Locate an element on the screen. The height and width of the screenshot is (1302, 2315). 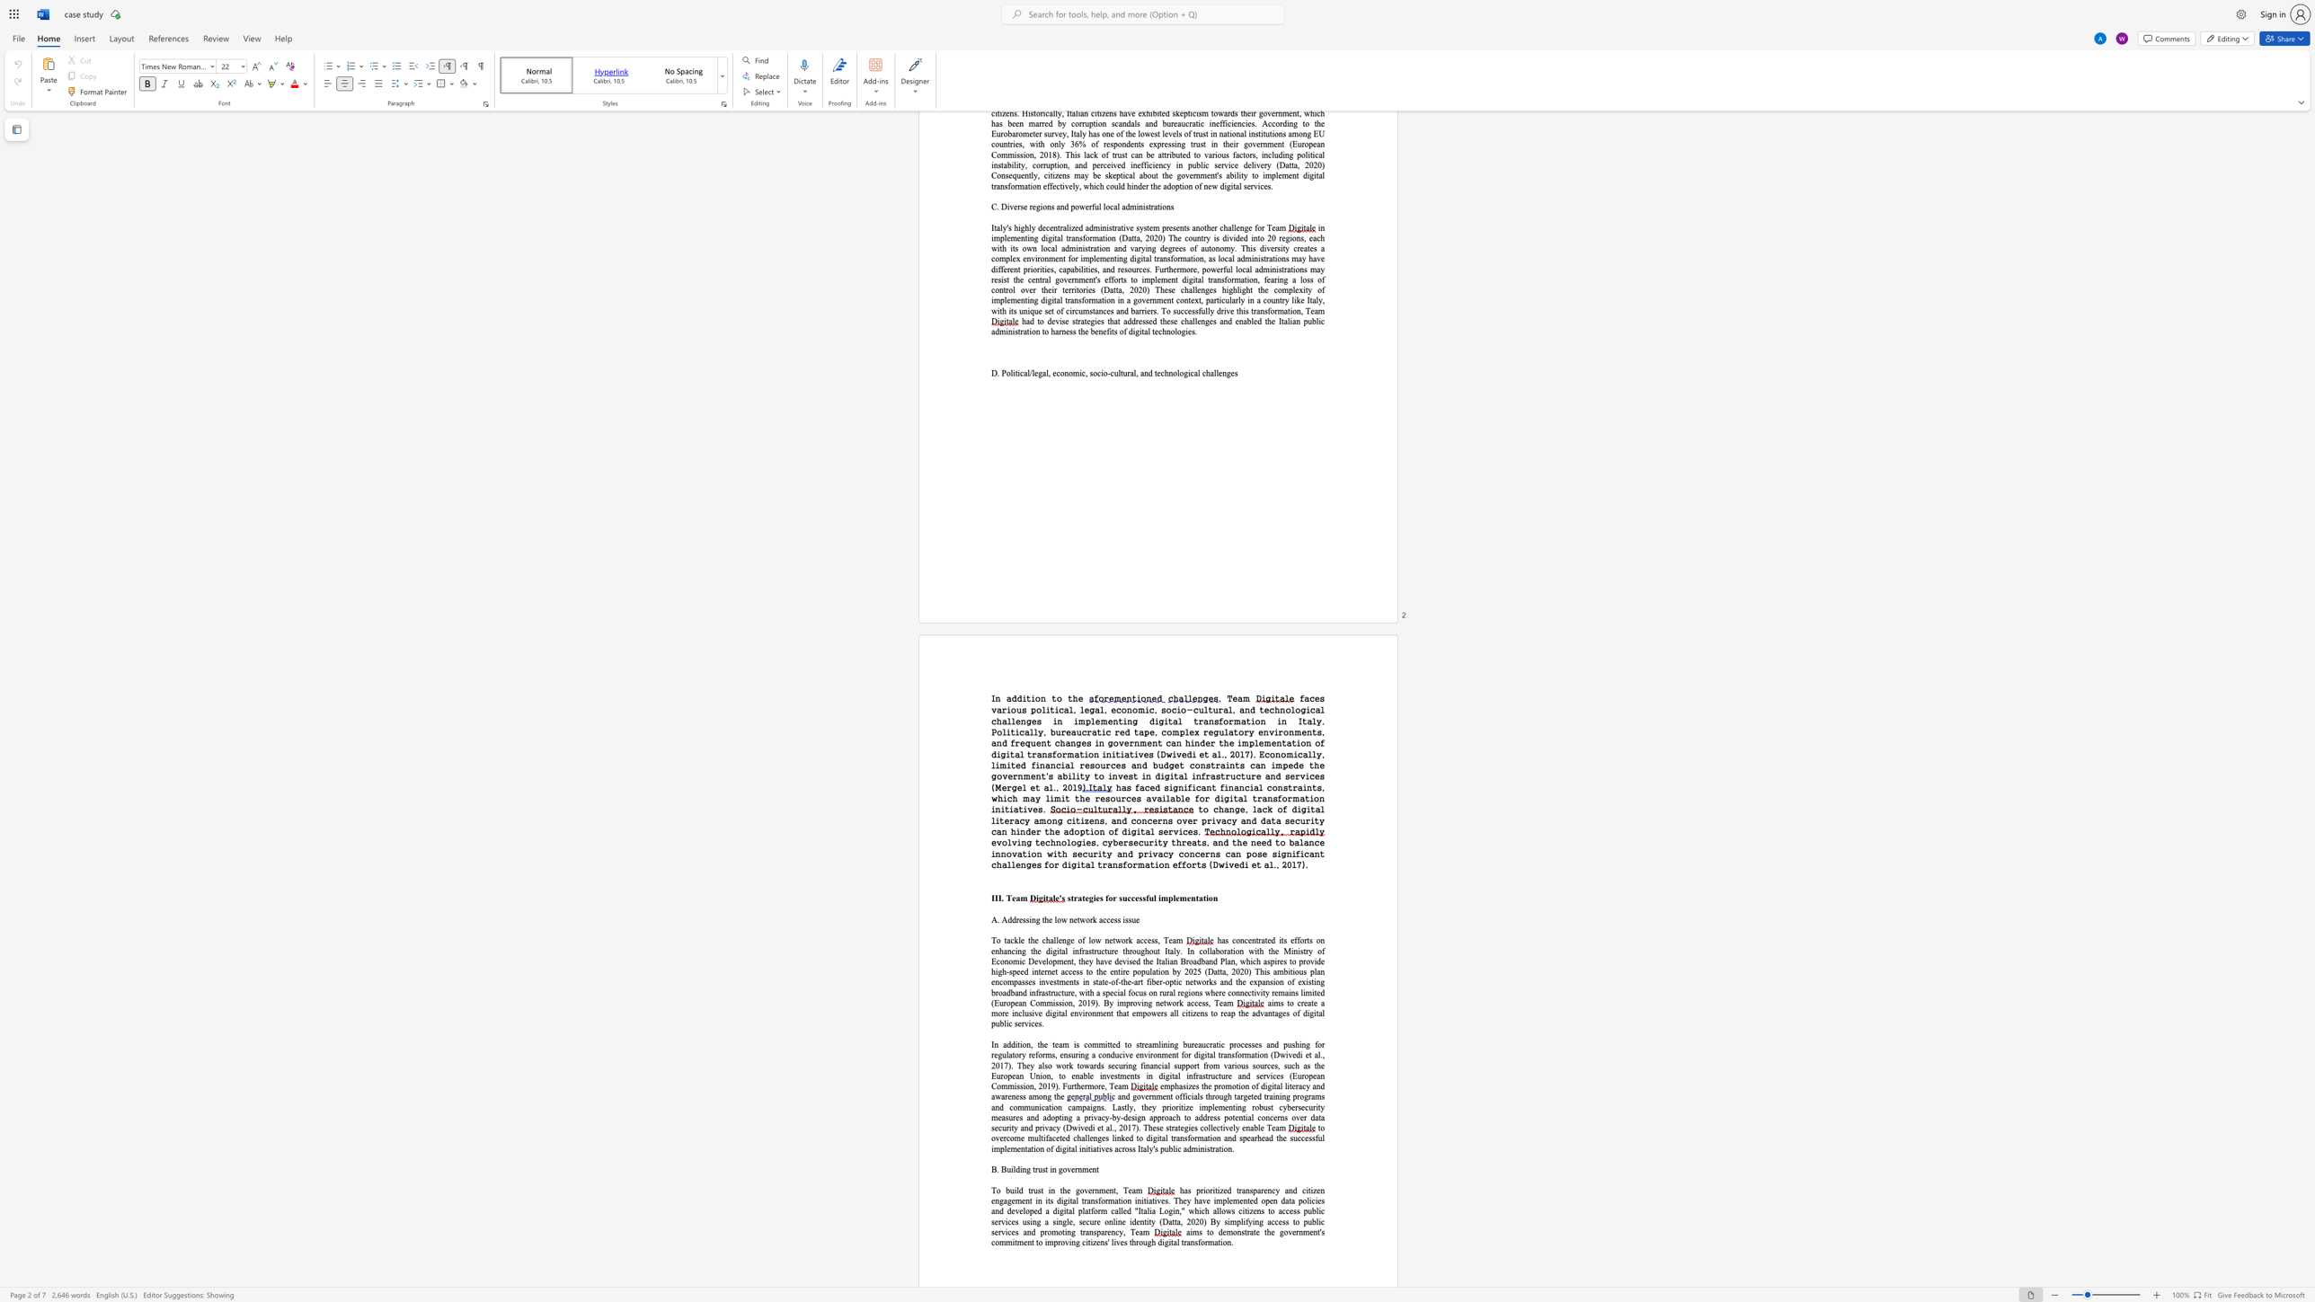
the subset text "ssing the low ne" within the text "A. Addressing the low network access issue" is located at coordinates (1022, 919).